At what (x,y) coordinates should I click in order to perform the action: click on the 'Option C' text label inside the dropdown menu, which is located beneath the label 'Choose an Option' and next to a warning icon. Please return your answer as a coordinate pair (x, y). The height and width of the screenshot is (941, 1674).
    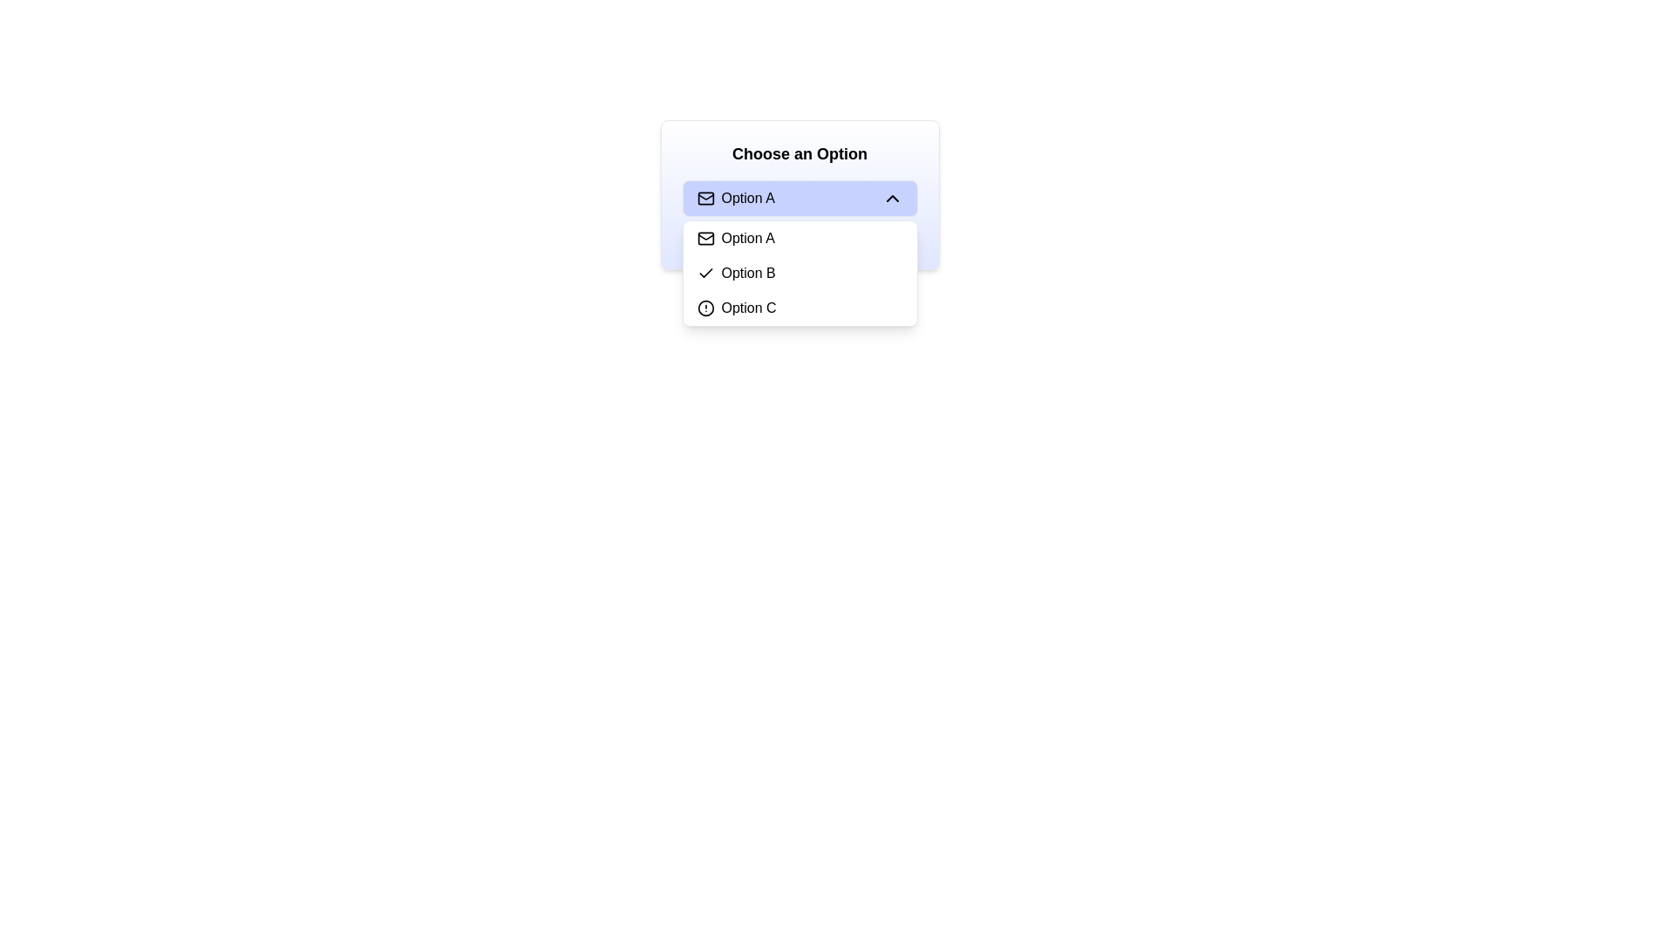
    Looking at the image, I should click on (749, 308).